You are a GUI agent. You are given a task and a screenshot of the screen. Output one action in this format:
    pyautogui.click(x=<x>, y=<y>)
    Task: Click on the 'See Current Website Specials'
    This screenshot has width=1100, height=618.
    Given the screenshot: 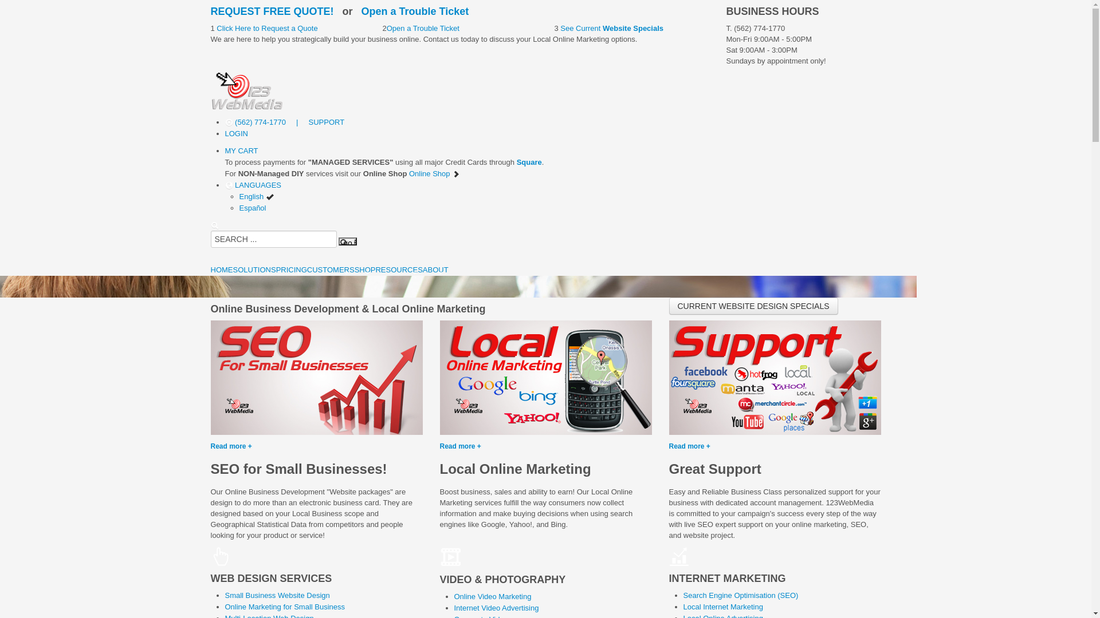 What is the action you would take?
    pyautogui.click(x=610, y=27)
    